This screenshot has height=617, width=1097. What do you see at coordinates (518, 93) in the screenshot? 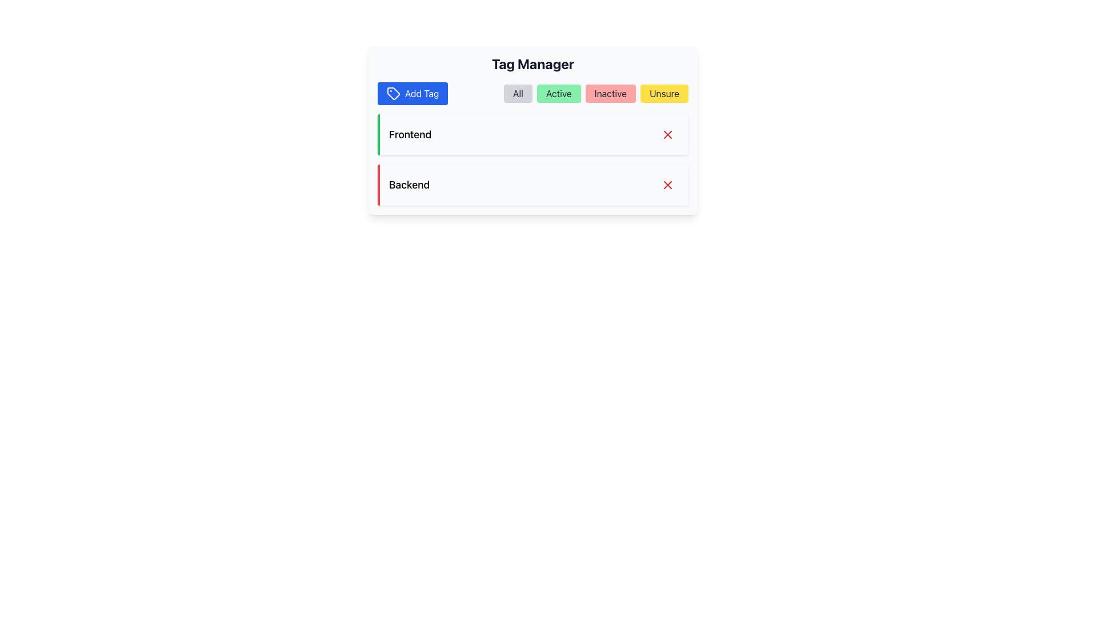
I see `the 'All' filter button, the leftmost button in a row of four labeled 'All', 'Active', 'Inactive', and 'Unsure', to enable keyboard interaction` at bounding box center [518, 93].